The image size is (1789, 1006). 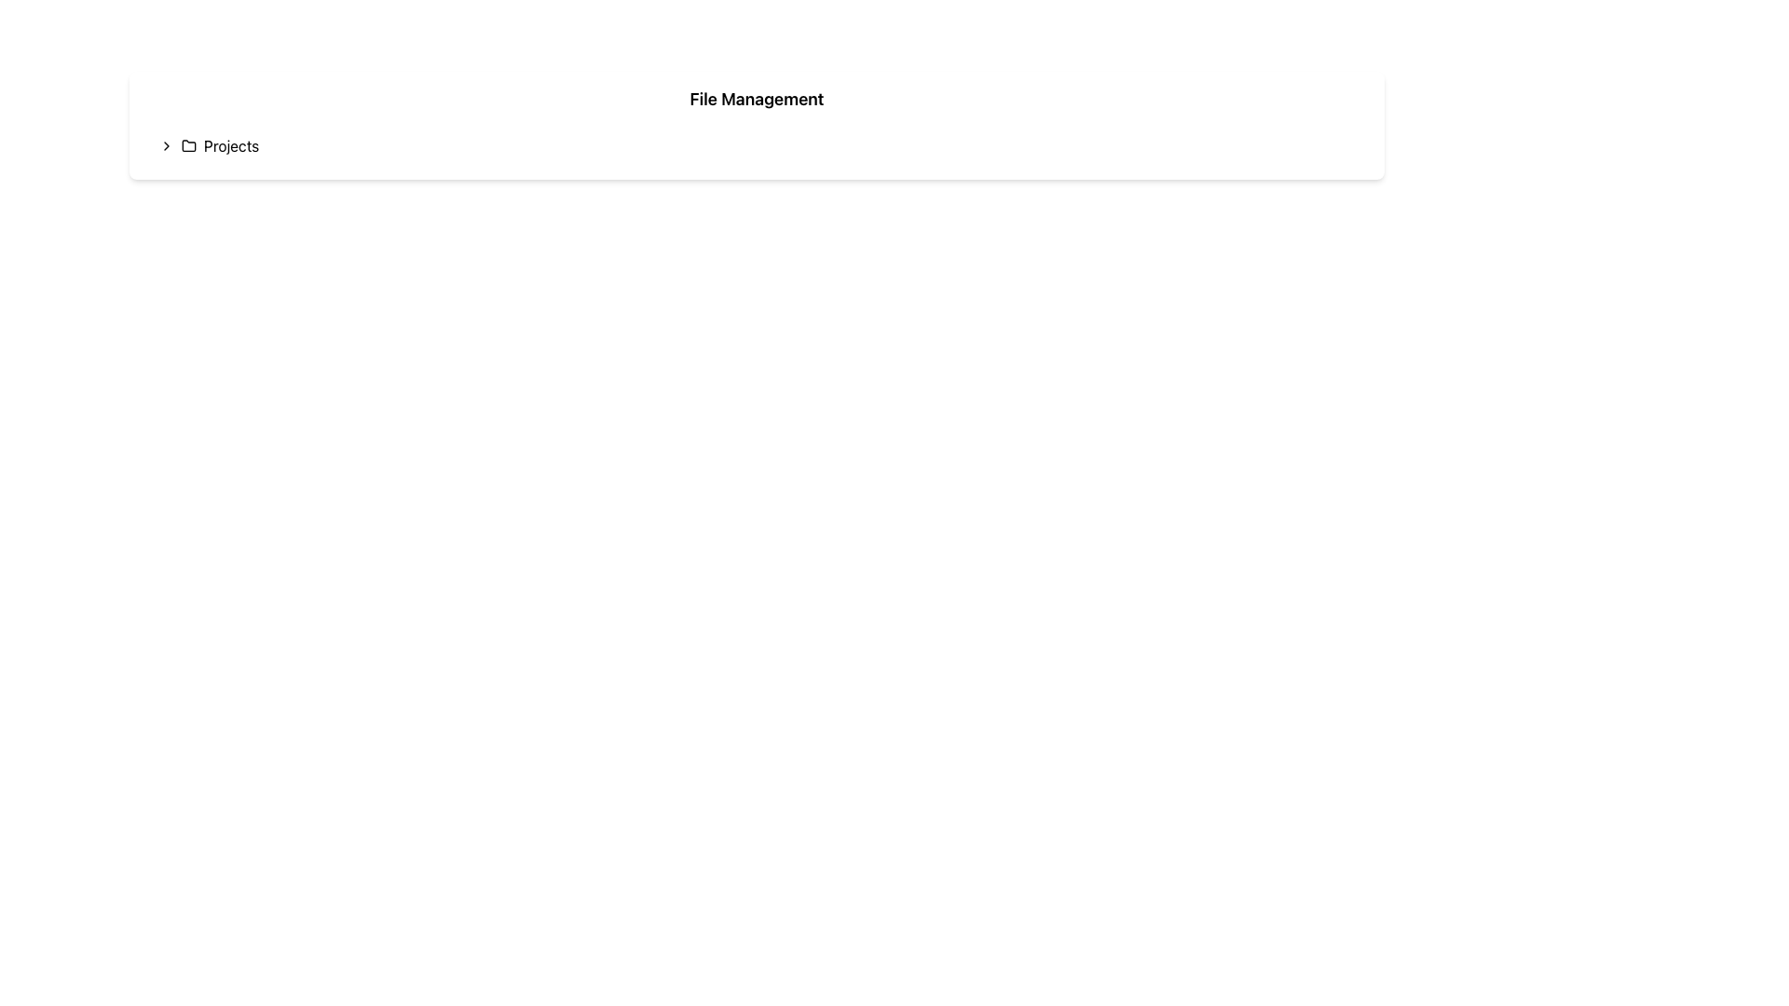 What do you see at coordinates (188, 143) in the screenshot?
I see `the 'folder' icon, which is a subcomponent of an SVG element and is located near the label titled 'Projects'` at bounding box center [188, 143].